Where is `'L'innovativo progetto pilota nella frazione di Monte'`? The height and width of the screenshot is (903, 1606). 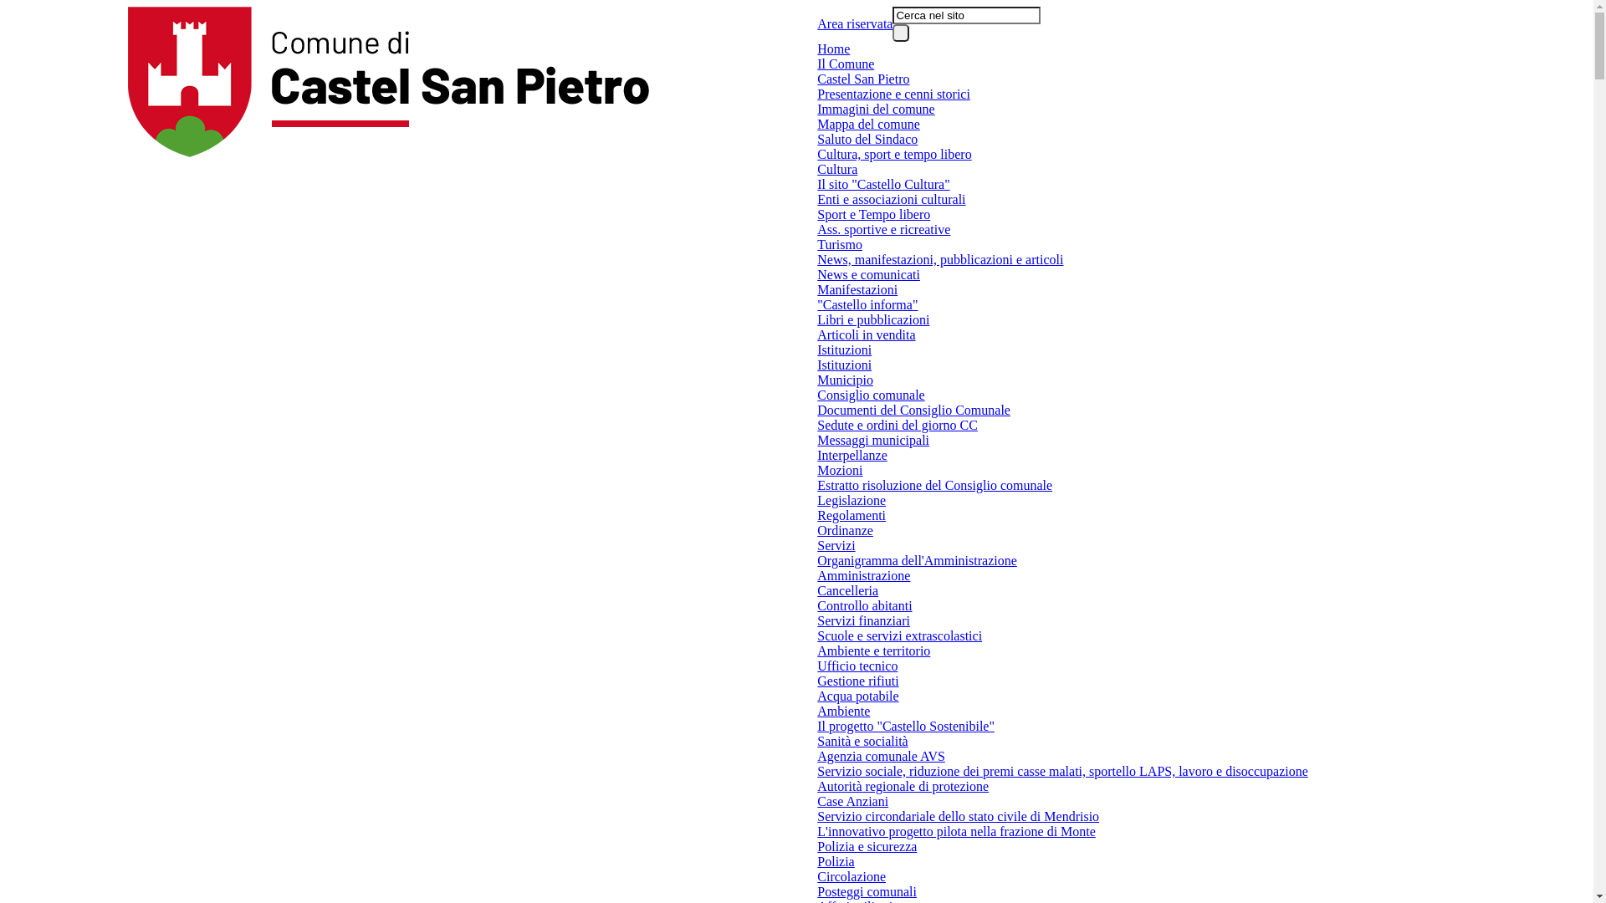
'L'innovativo progetto pilota nella frazione di Monte' is located at coordinates (956, 832).